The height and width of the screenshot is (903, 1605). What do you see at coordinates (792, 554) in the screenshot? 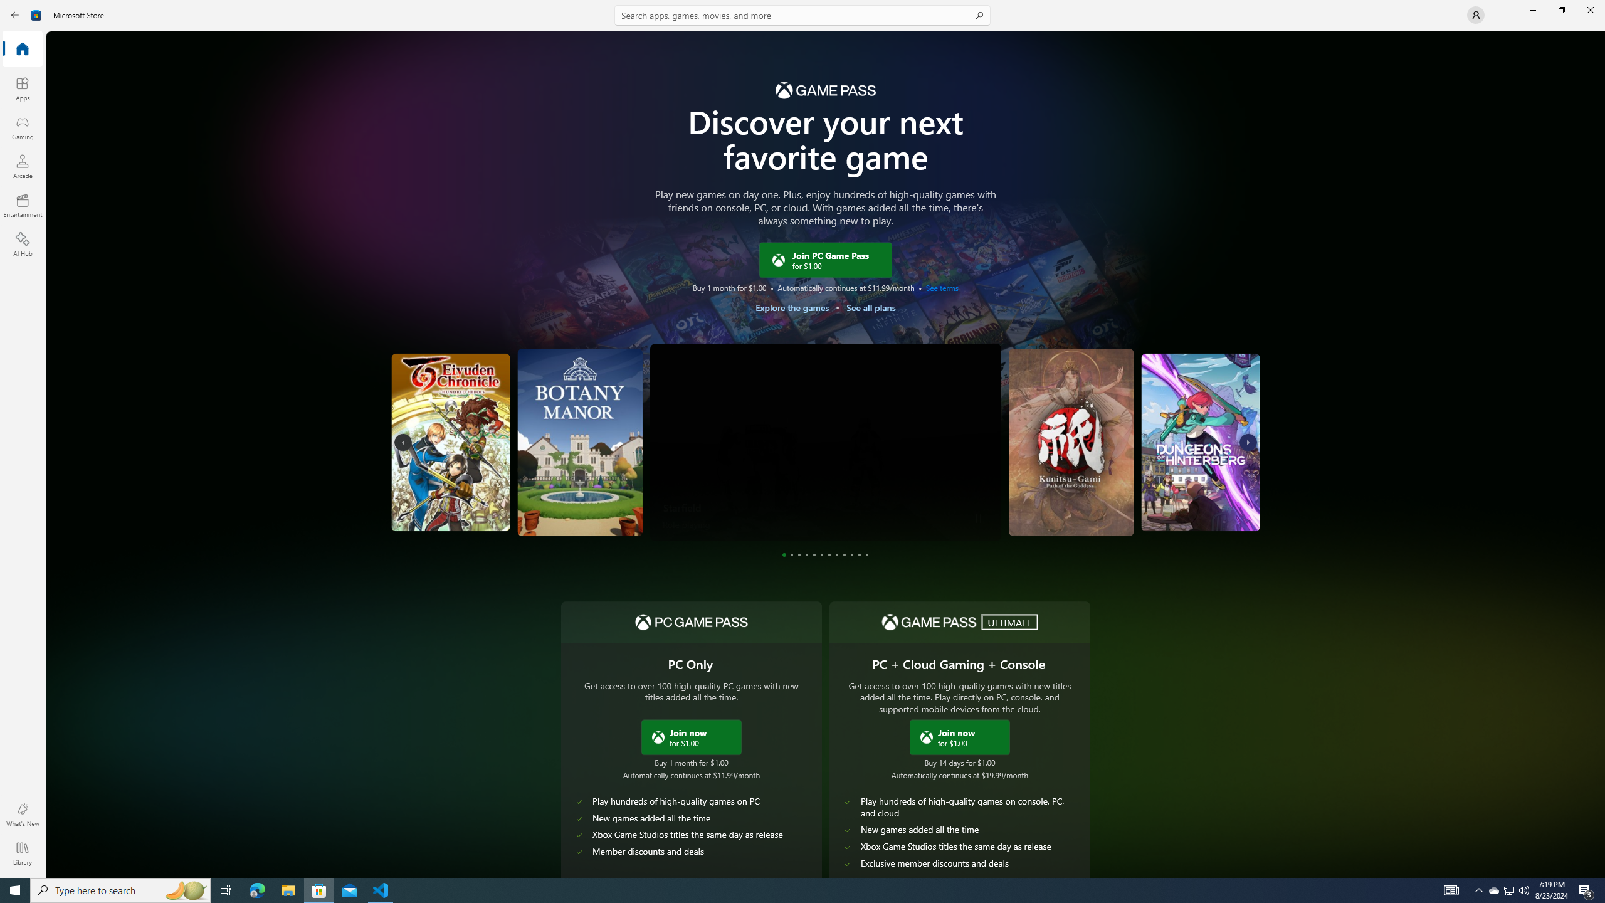
I see `'Page 2'` at bounding box center [792, 554].